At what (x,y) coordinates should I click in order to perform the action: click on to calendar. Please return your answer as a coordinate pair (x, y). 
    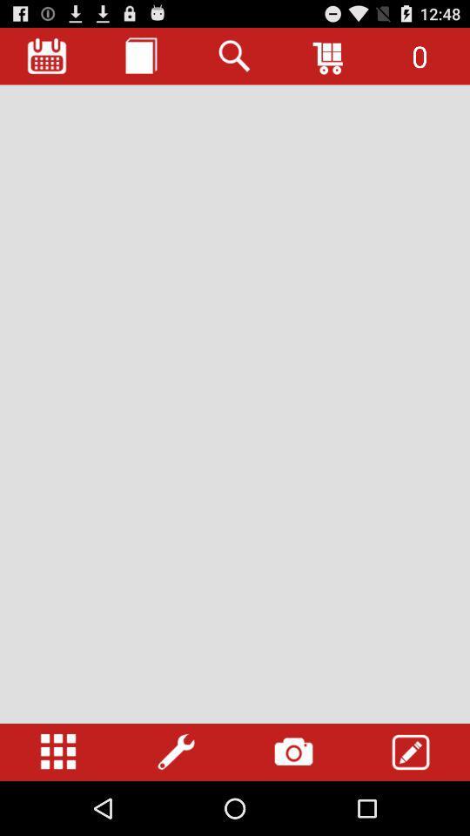
    Looking at the image, I should click on (47, 56).